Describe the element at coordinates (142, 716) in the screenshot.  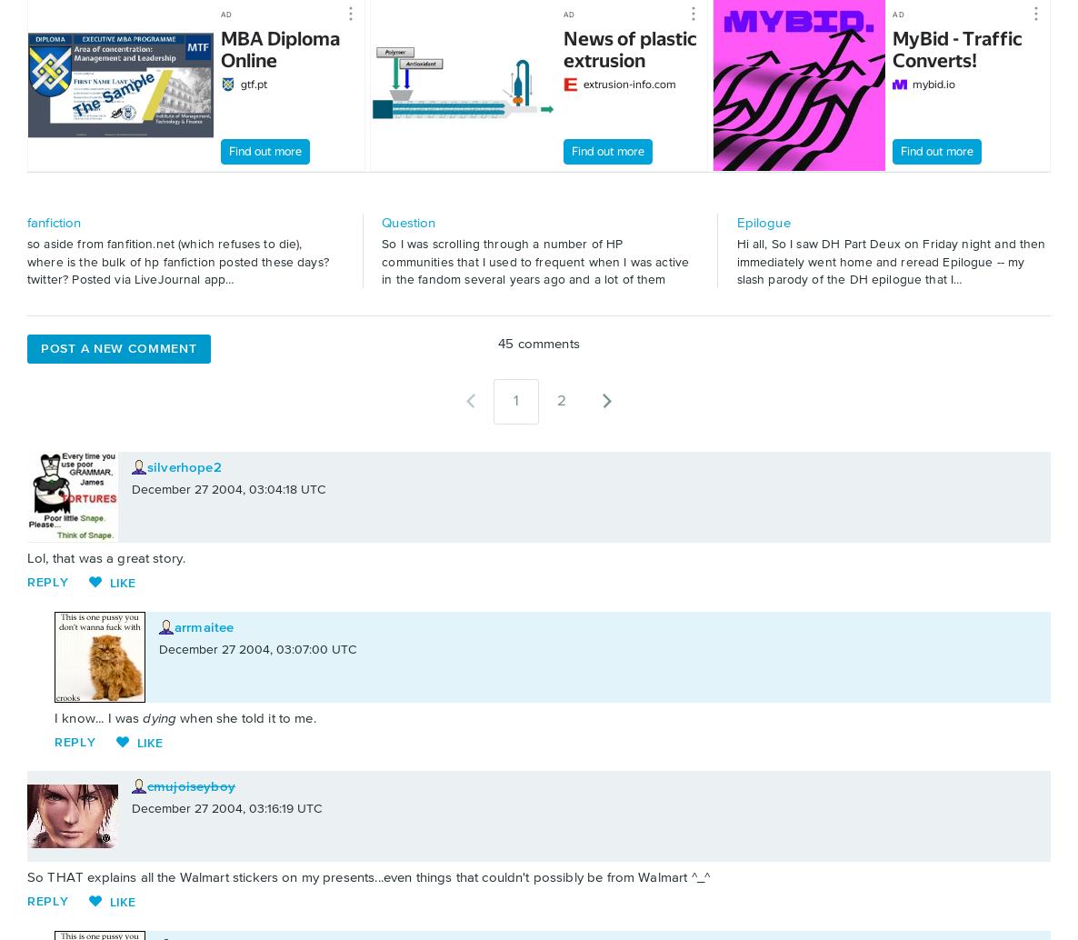
I see `'dying'` at that location.